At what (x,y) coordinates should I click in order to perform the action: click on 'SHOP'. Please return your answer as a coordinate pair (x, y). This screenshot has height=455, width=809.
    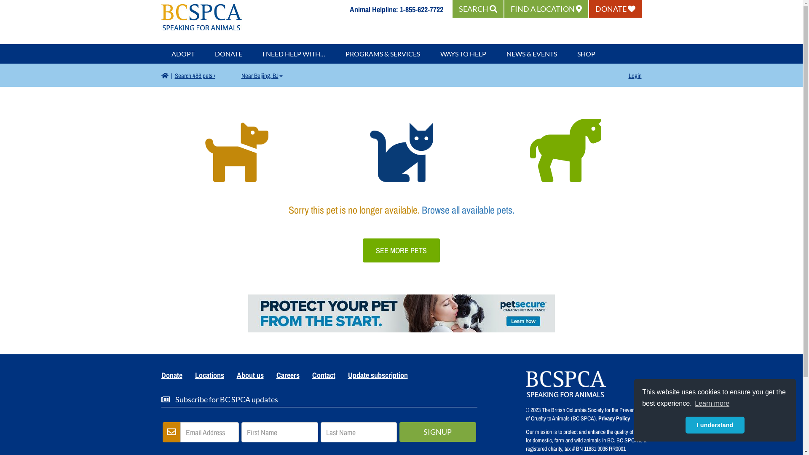
    Looking at the image, I should click on (586, 54).